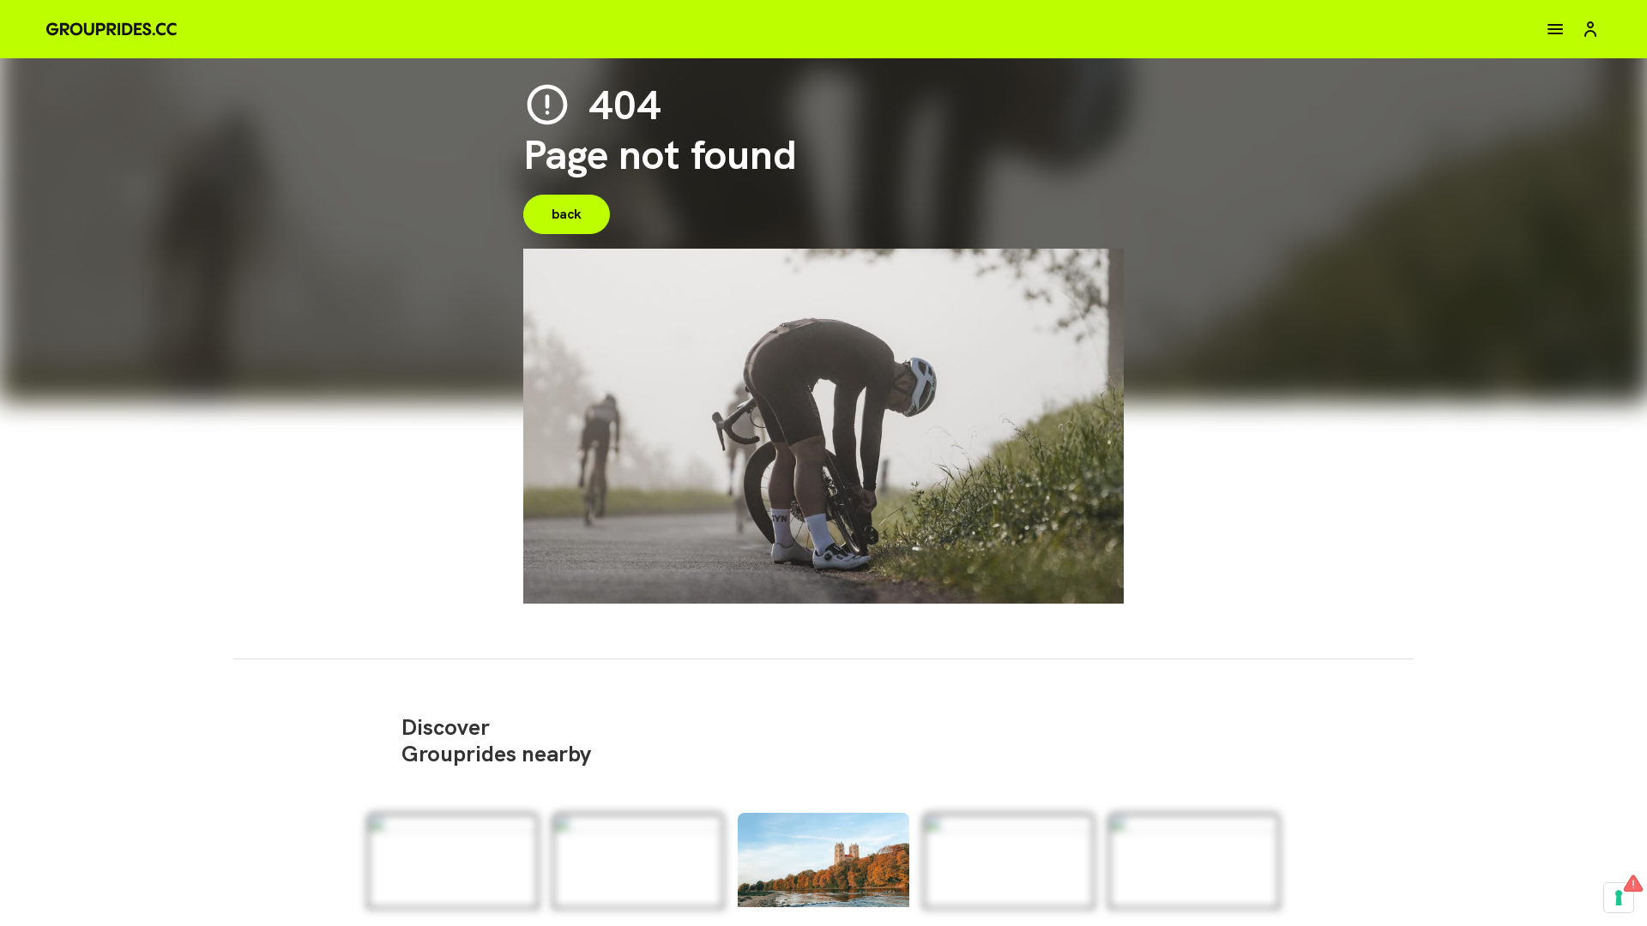  Describe the element at coordinates (566, 213) in the screenshot. I see `'back'` at that location.